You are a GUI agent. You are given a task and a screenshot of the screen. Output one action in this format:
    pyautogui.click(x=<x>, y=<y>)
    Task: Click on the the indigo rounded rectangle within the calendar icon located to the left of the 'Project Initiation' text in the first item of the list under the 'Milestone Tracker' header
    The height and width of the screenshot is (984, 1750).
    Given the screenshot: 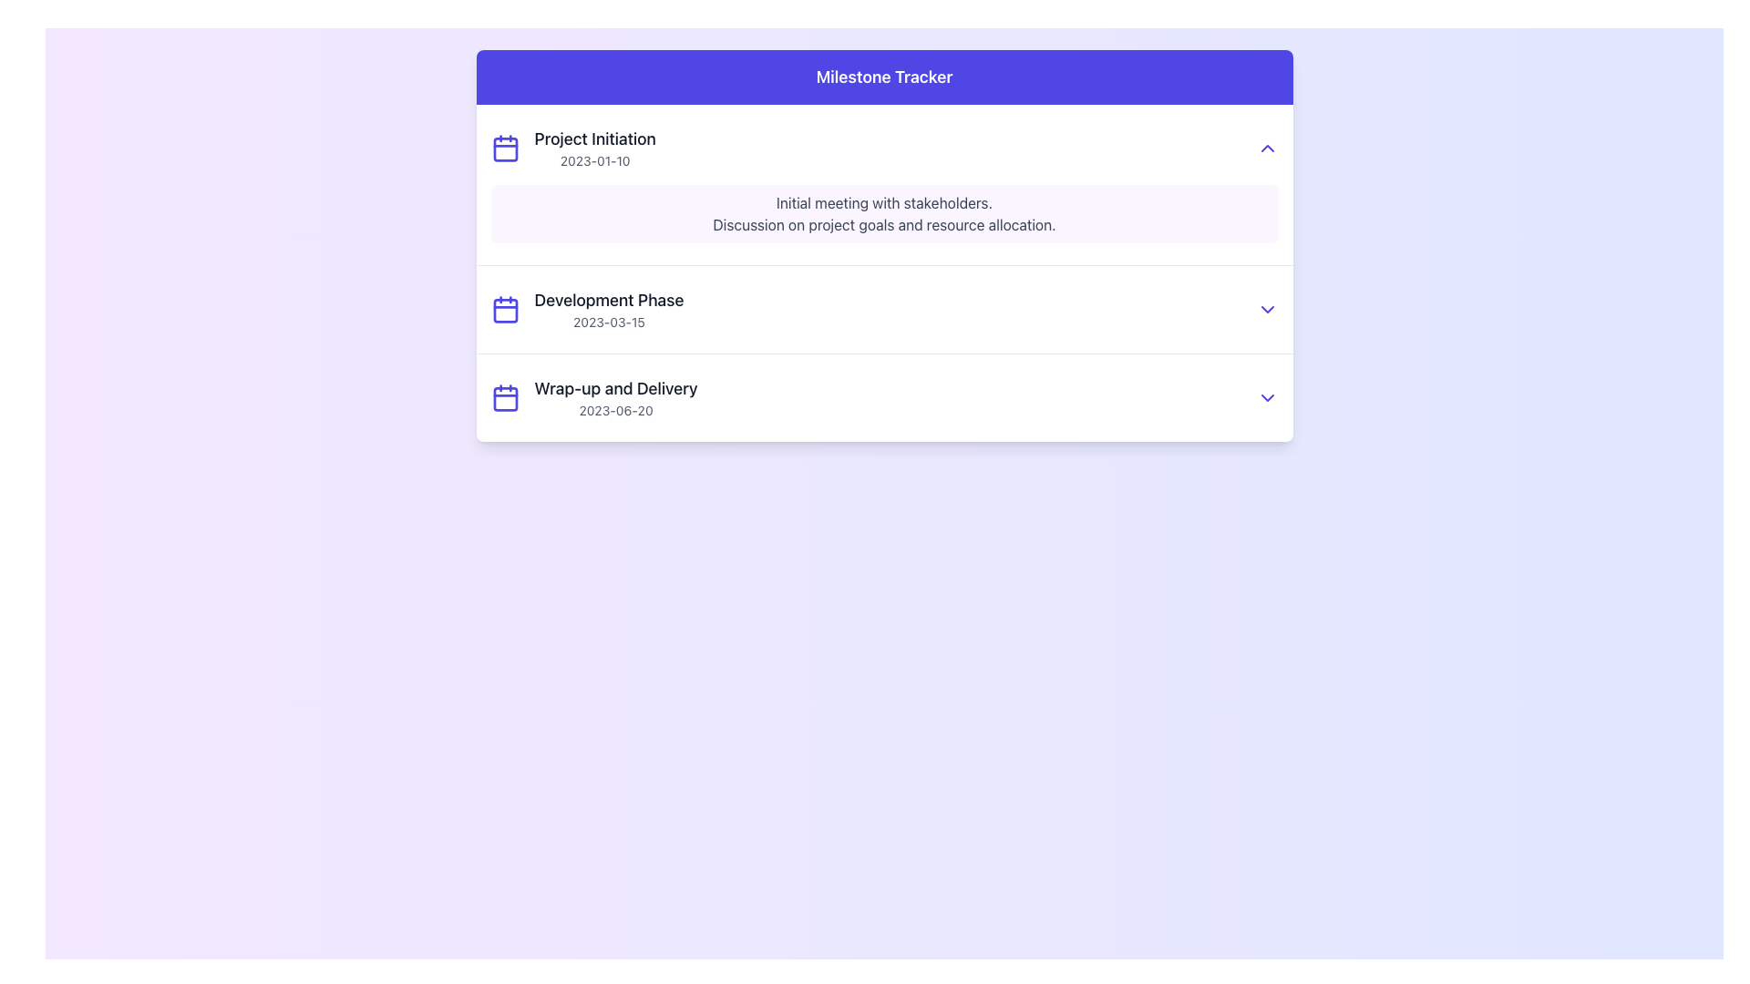 What is the action you would take?
    pyautogui.click(x=505, y=149)
    